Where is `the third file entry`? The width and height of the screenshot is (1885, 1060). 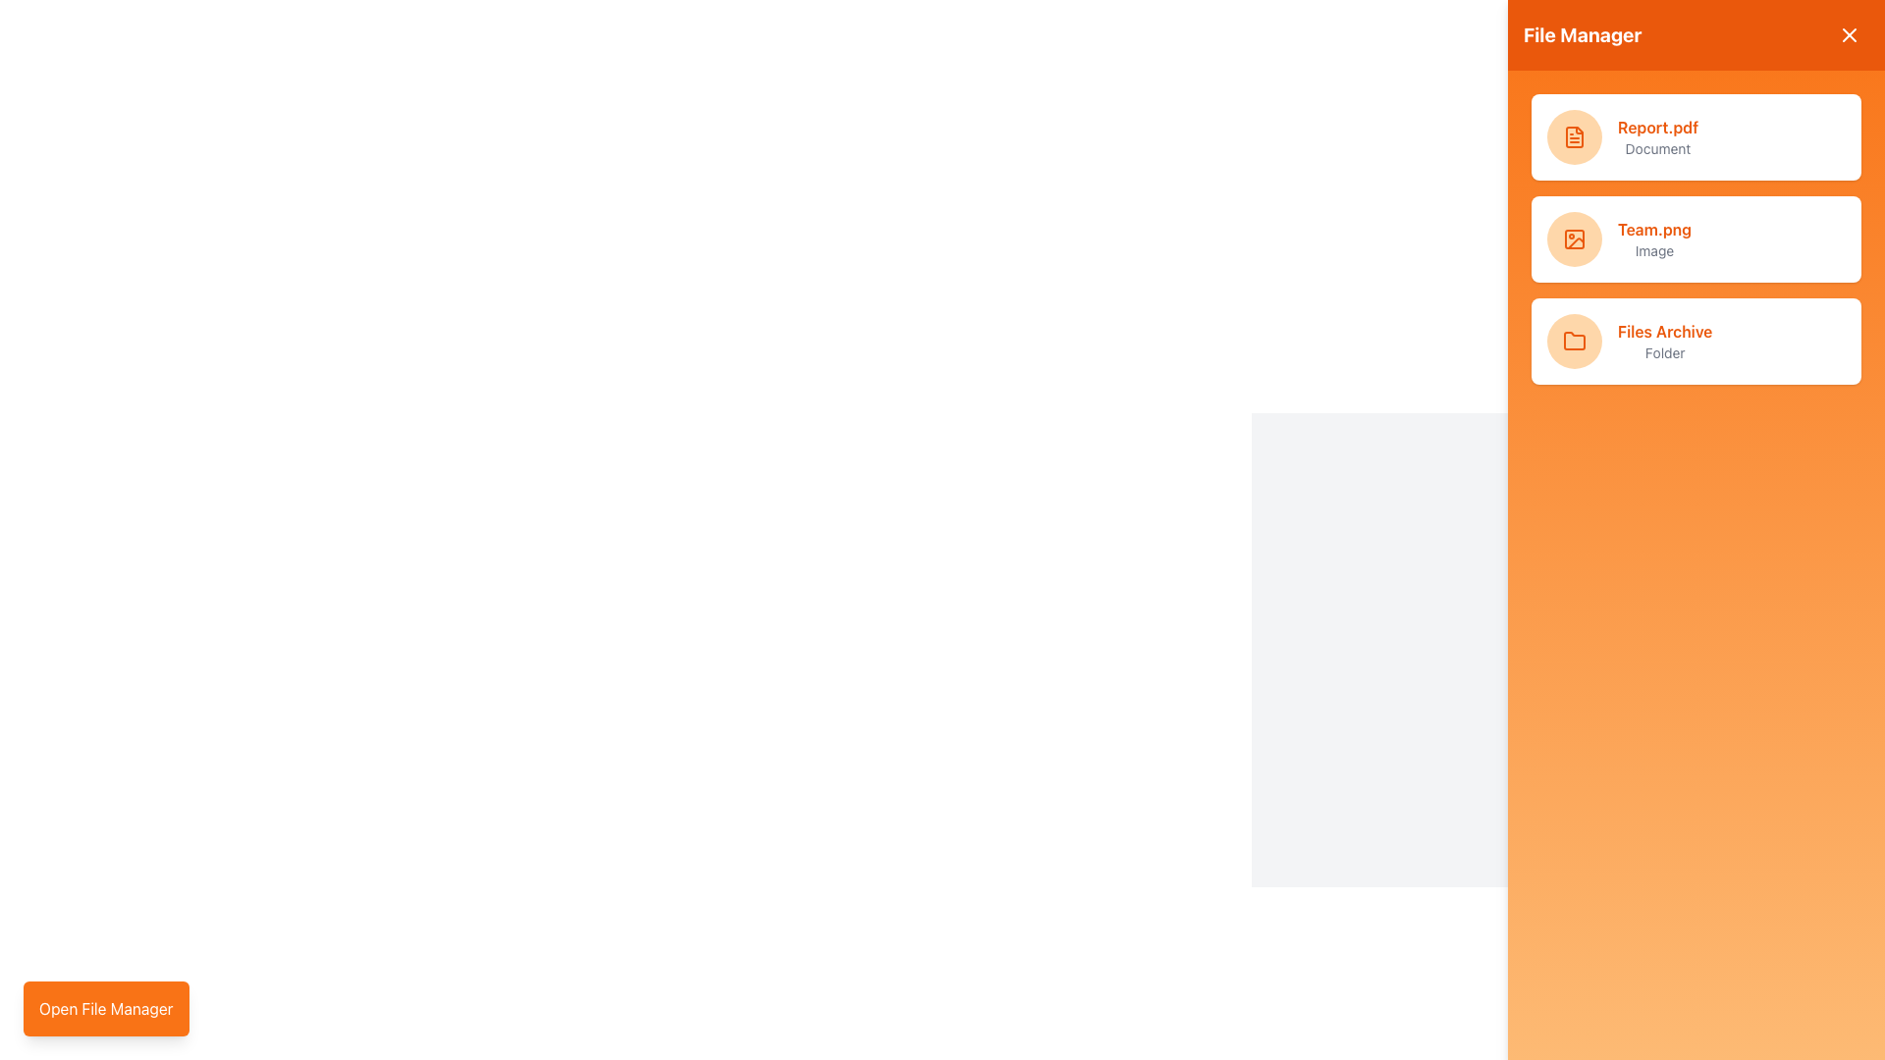 the third file entry is located at coordinates (1696, 340).